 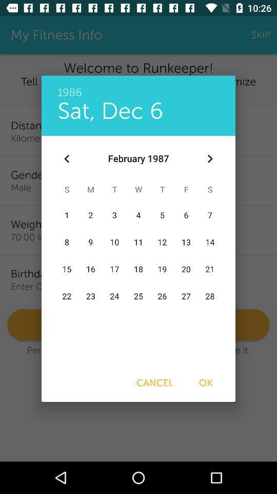 What do you see at coordinates (138, 86) in the screenshot?
I see `the icon above sat, dec 6 icon` at bounding box center [138, 86].